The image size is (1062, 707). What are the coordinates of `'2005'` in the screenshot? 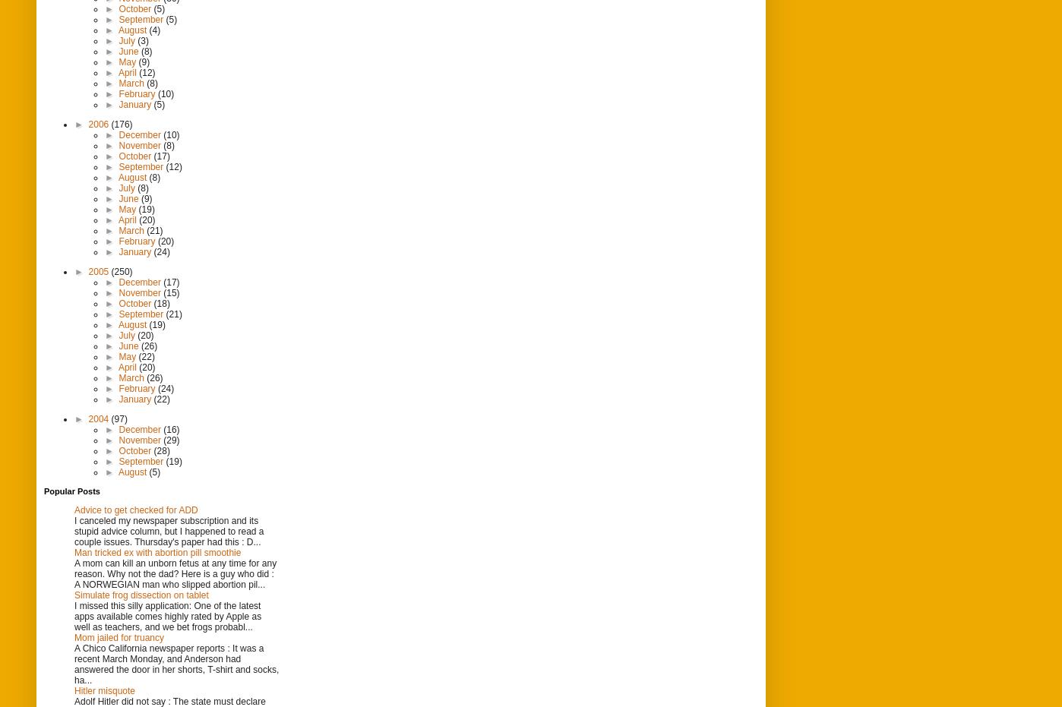 It's located at (99, 271).